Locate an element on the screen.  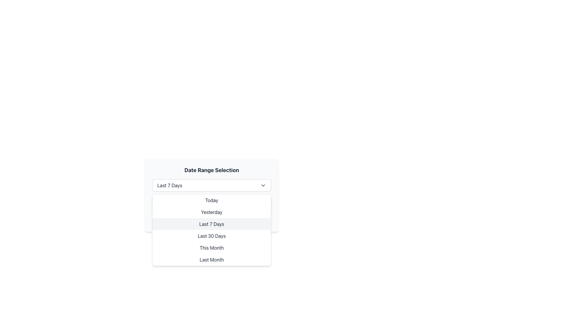
the informational text stating 'Select a date range that best suits your analytical needs.' which is positioned centrally at the bottom of the date range selection interface is located at coordinates (211, 221).